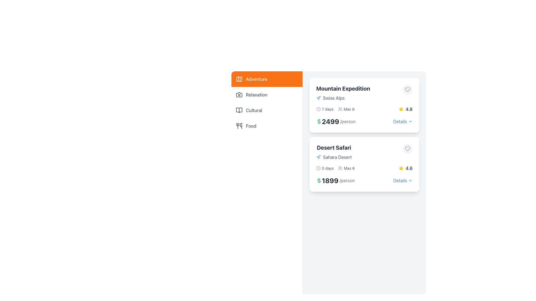 This screenshot has height=301, width=536. I want to click on the text label displaying 'Swiss Alps' in gray font, which is part of the 'Mountain Expedition' listing and positioned to the right of the navigation icon, so click(334, 98).